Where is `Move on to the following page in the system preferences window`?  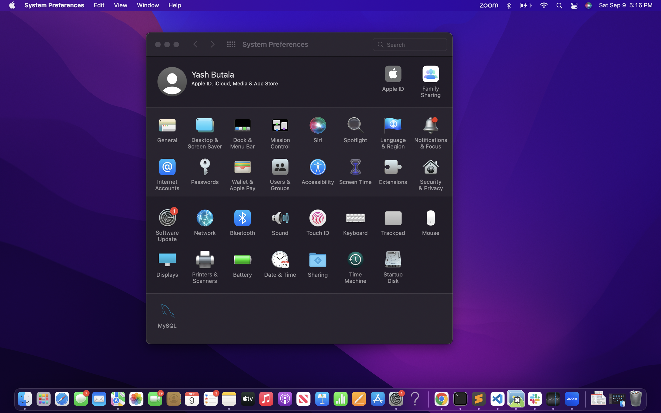
Move on to the following page in the system preferences window is located at coordinates (213, 44).